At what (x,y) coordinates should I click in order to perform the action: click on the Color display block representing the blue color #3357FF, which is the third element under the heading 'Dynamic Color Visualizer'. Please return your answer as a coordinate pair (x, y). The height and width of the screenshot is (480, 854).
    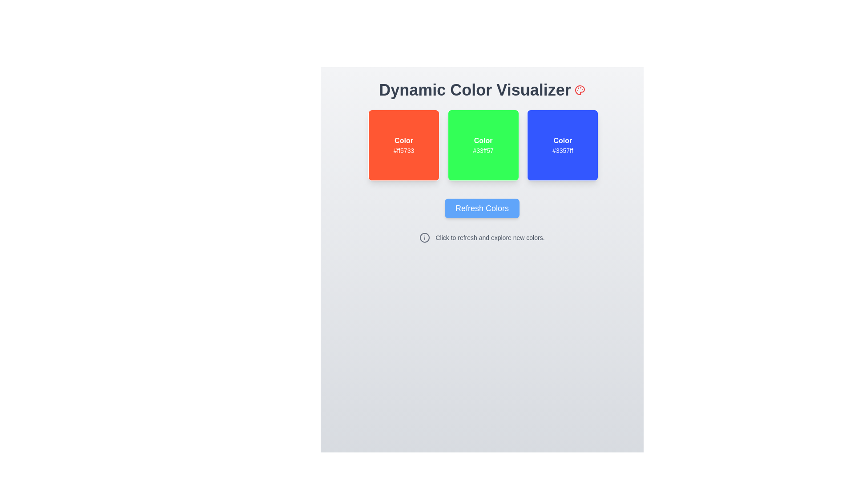
    Looking at the image, I should click on (562, 145).